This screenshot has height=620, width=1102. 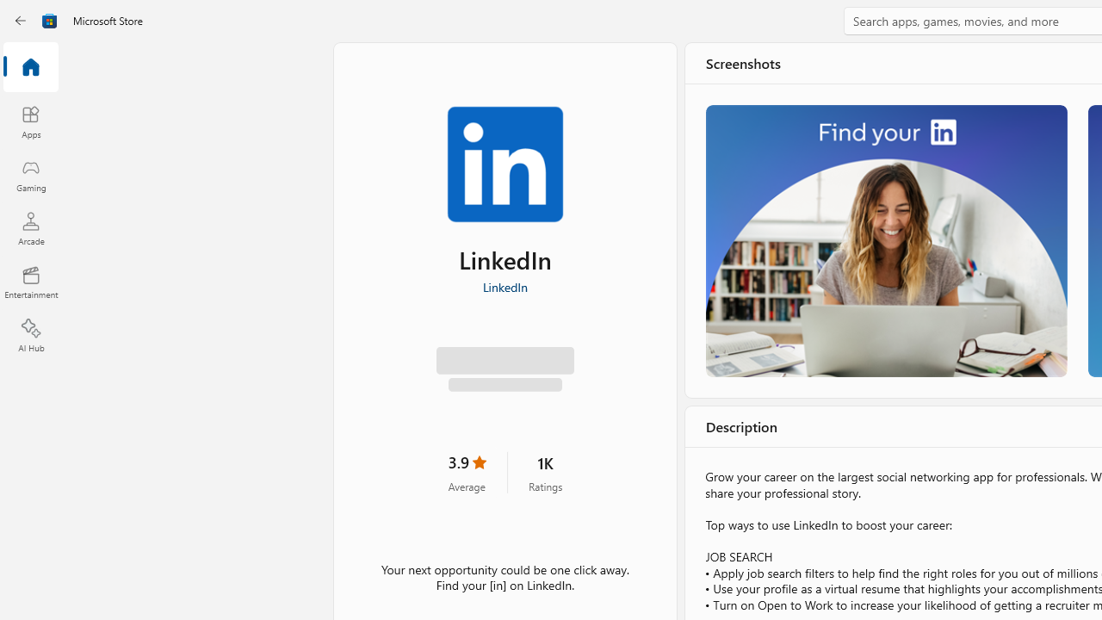 I want to click on 'Back', so click(x=21, y=21).